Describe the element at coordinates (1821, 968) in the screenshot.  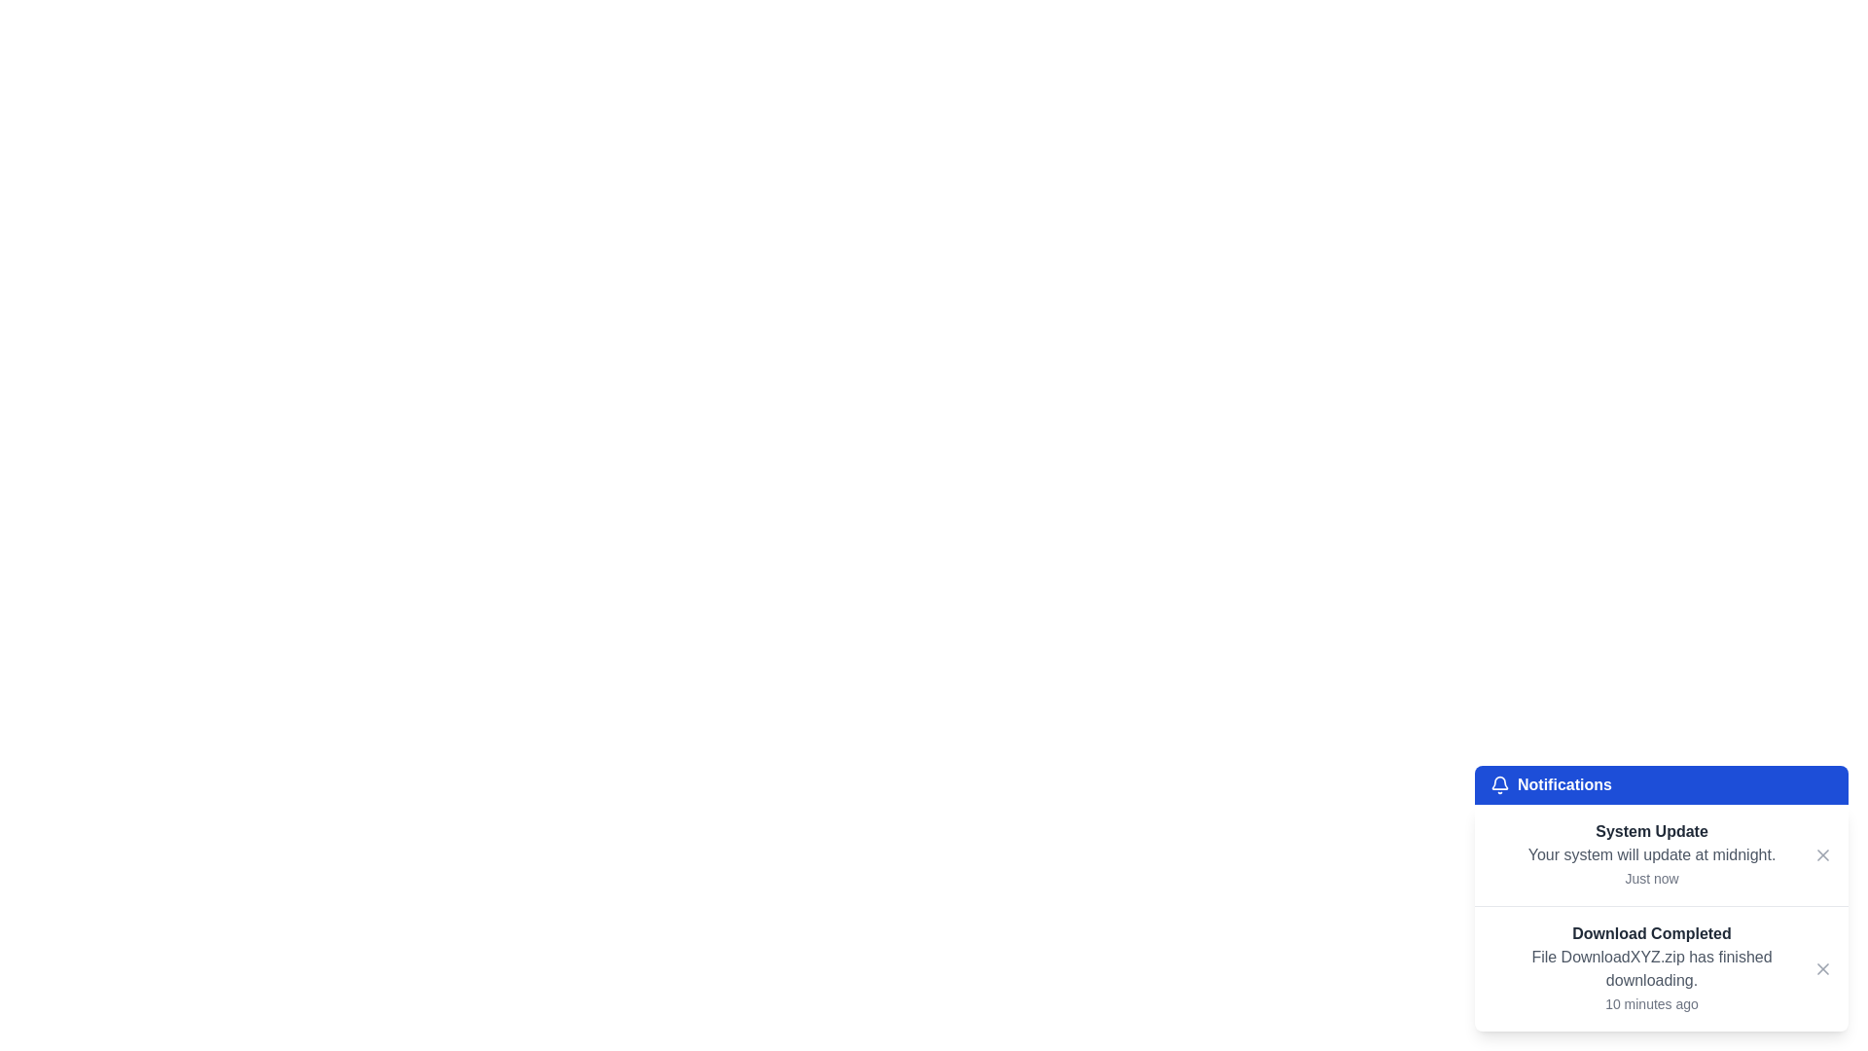
I see `the Close button icon, which resembles an 'X' shape` at that location.